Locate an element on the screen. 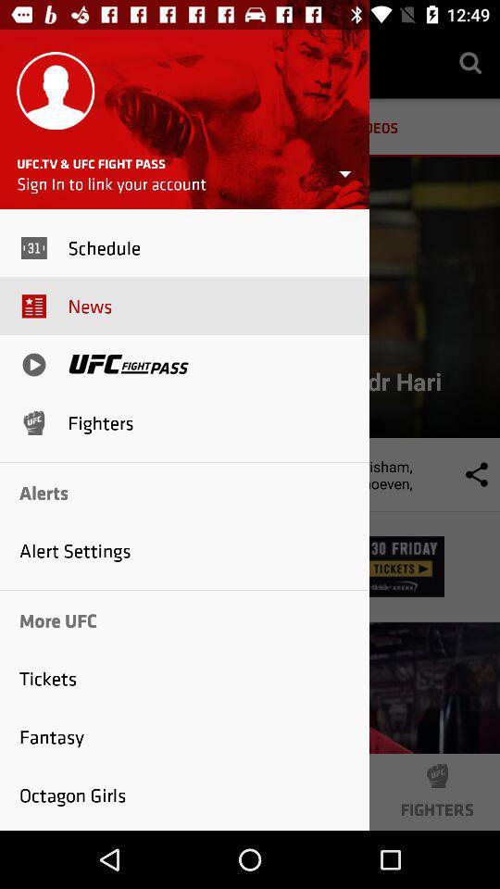  the symbol which is to the left of ufc fight pass is located at coordinates (33, 363).